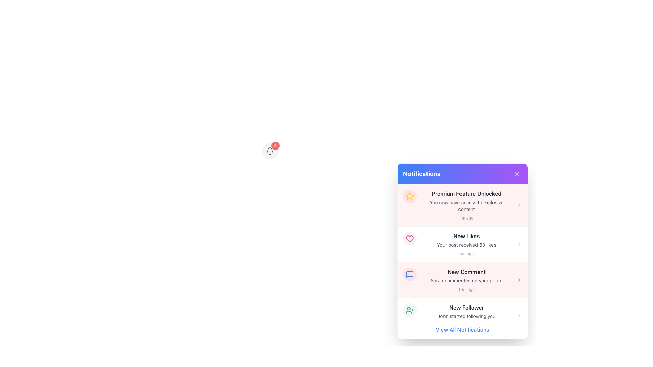 Image resolution: width=653 pixels, height=367 pixels. Describe the element at coordinates (462, 316) in the screenshot. I see `the notification item titled 'New Follower' that contains the description 'John started following you' and the timestamp '1h ago'` at that location.